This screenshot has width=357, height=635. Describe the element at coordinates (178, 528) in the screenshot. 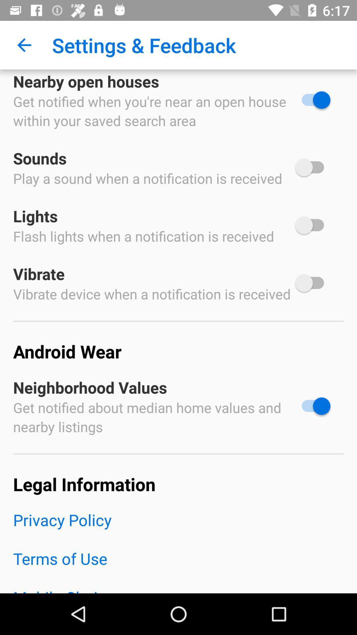

I see `the item above the terms of use icon` at that location.